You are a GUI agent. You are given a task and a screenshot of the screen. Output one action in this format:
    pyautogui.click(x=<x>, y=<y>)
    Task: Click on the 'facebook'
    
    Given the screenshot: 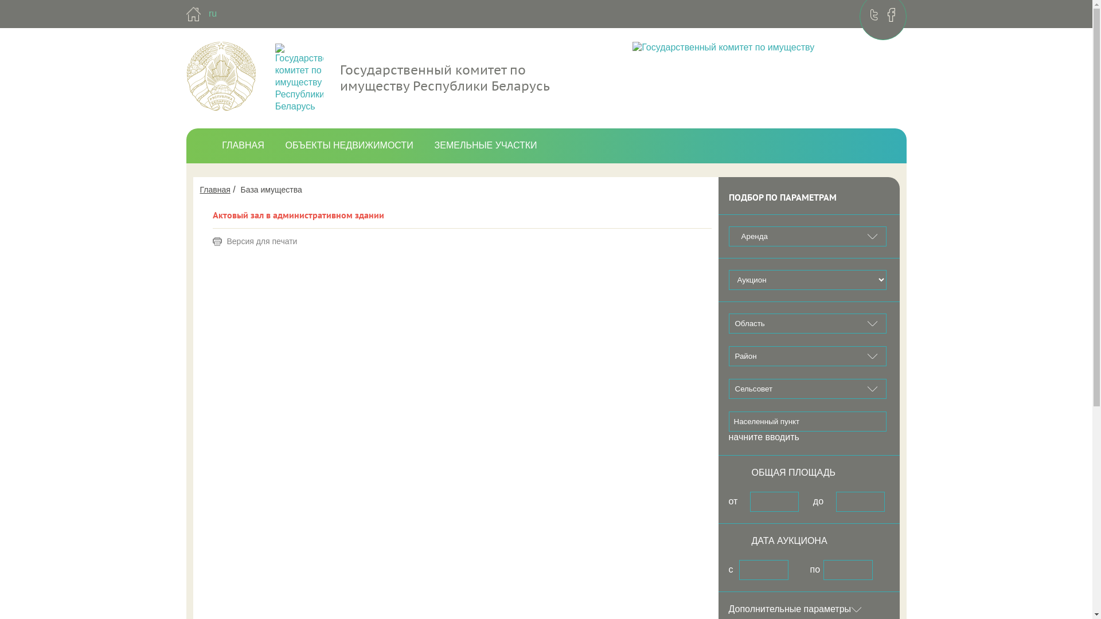 What is the action you would take?
    pyautogui.click(x=891, y=15)
    